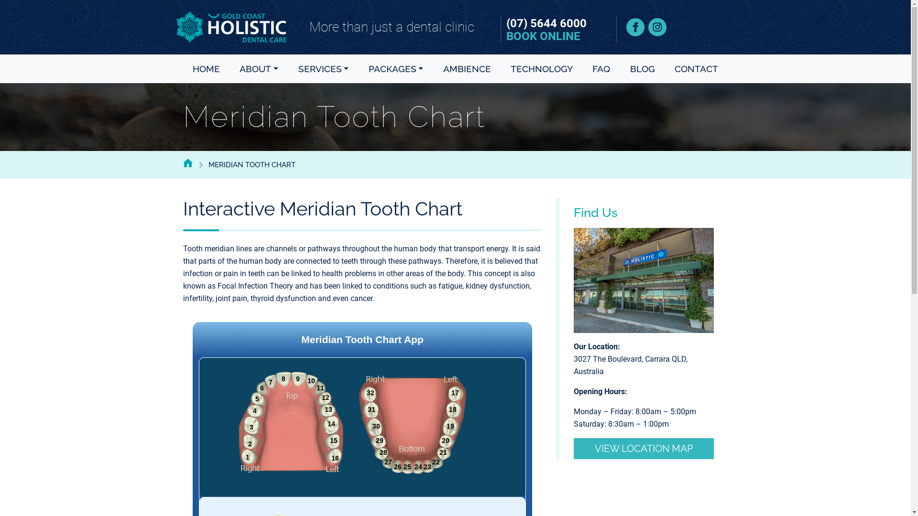  Describe the element at coordinates (670, 68) in the screenshot. I see `'CONTACT'` at that location.